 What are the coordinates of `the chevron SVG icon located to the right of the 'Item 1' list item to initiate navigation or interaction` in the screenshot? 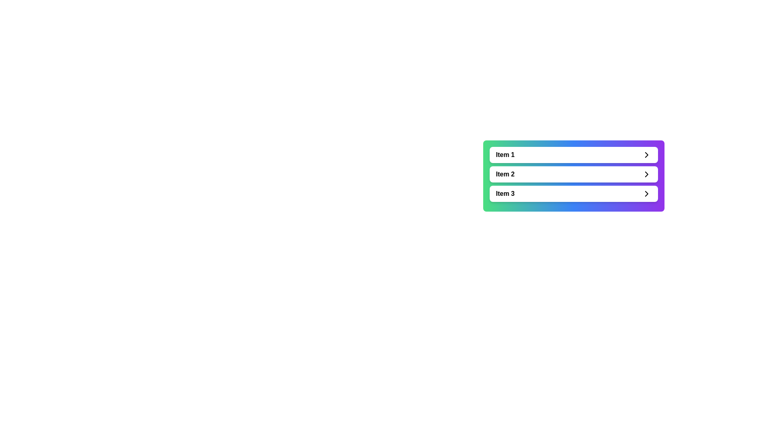 It's located at (646, 155).